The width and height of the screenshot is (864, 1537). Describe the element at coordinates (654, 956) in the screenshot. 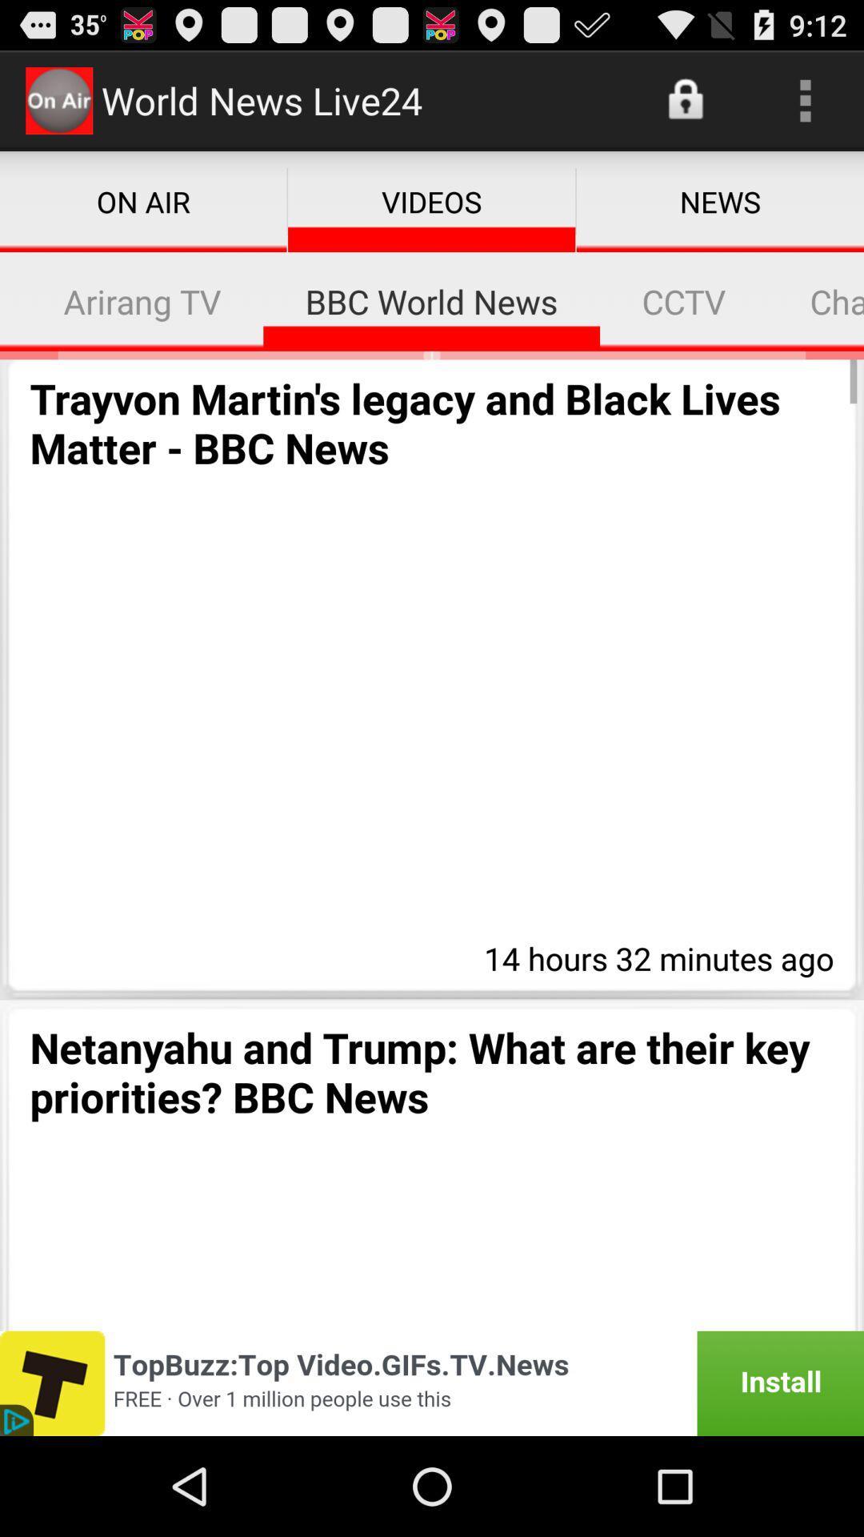

I see `14 hours 32 app` at that location.